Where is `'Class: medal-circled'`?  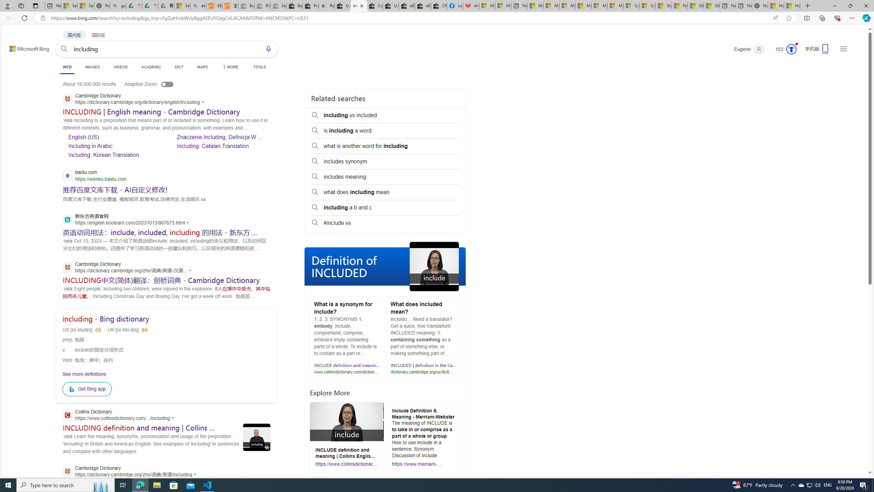 'Class: medal-circled' is located at coordinates (791, 49).